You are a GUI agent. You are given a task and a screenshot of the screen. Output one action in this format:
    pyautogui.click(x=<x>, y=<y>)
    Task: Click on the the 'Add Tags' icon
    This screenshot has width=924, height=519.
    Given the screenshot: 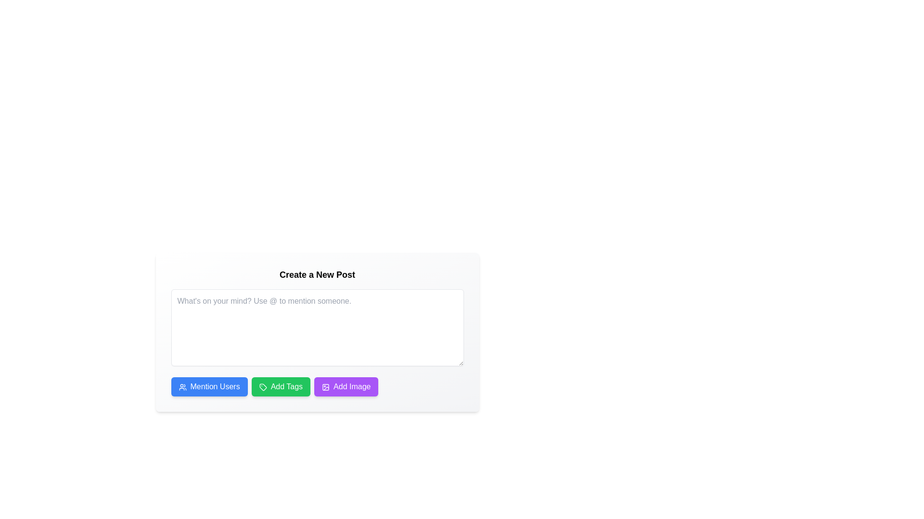 What is the action you would take?
    pyautogui.click(x=263, y=386)
    